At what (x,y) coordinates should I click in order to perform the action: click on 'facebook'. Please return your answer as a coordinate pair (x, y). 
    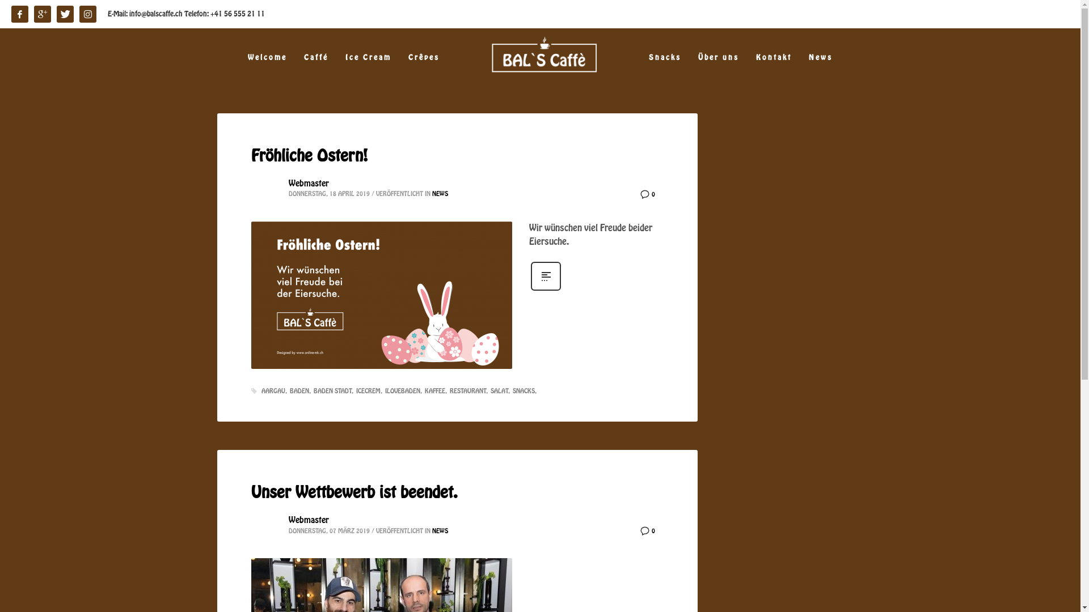
    Looking at the image, I should click on (19, 14).